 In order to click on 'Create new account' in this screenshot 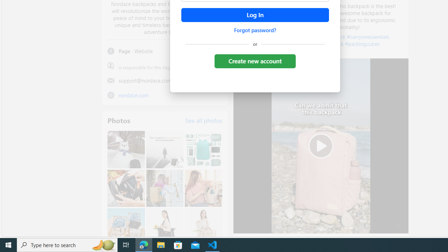, I will do `click(254, 61)`.